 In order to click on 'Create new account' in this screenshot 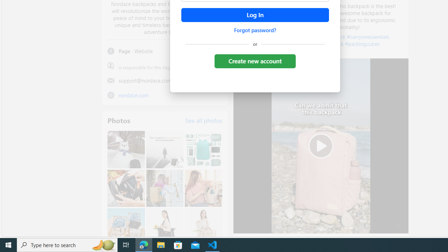, I will do `click(254, 61)`.